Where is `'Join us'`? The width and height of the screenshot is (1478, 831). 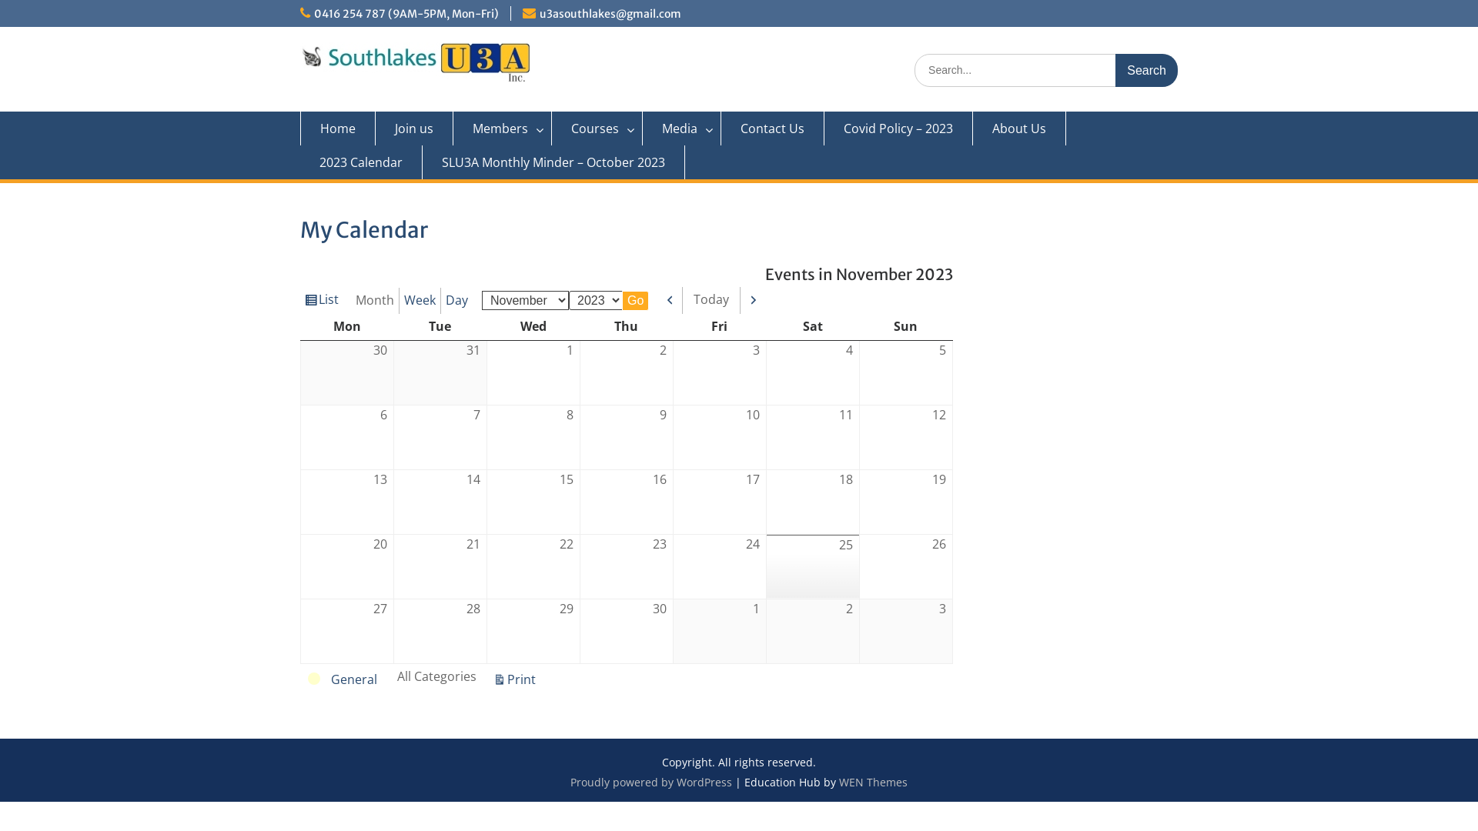 'Join us' is located at coordinates (376, 127).